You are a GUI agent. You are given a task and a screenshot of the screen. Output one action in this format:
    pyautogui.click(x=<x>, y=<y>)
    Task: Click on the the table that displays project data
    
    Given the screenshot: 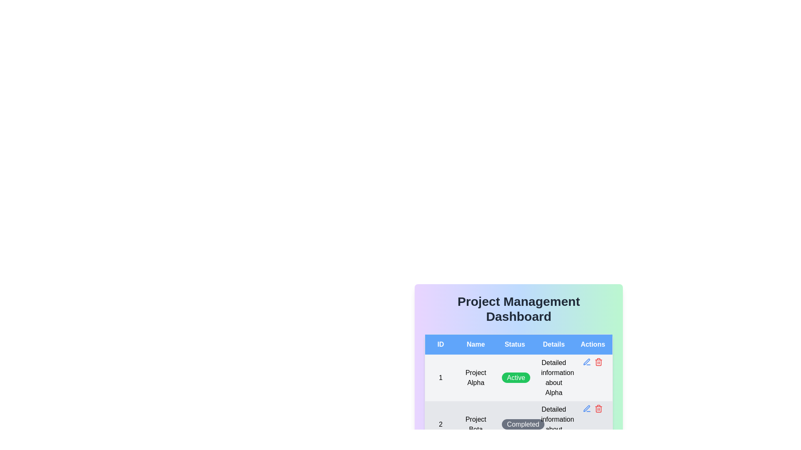 What is the action you would take?
    pyautogui.click(x=518, y=391)
    